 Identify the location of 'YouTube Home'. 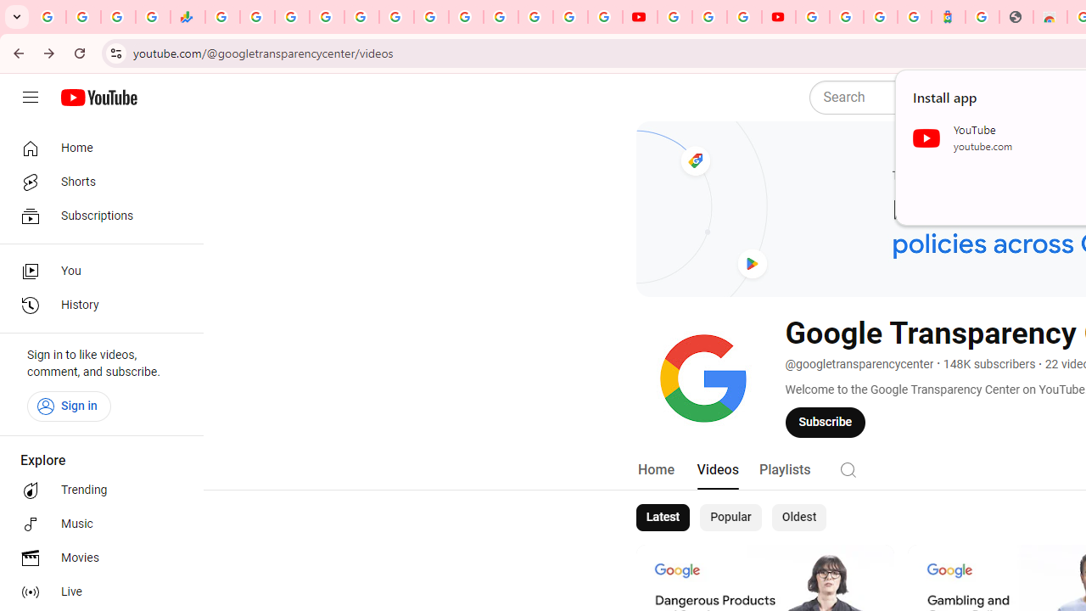
(98, 98).